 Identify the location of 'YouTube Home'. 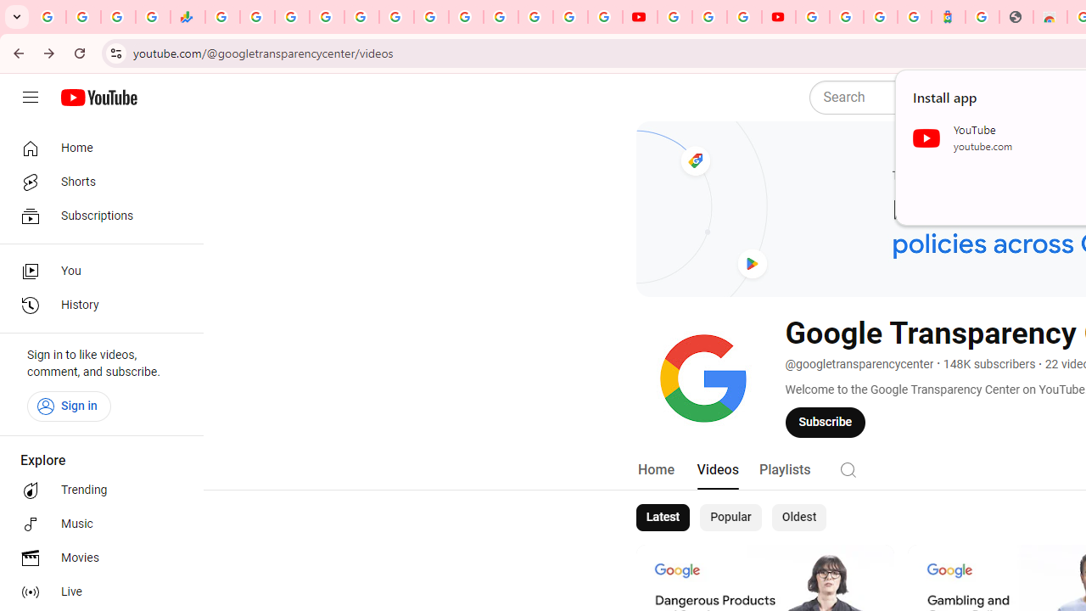
(98, 98).